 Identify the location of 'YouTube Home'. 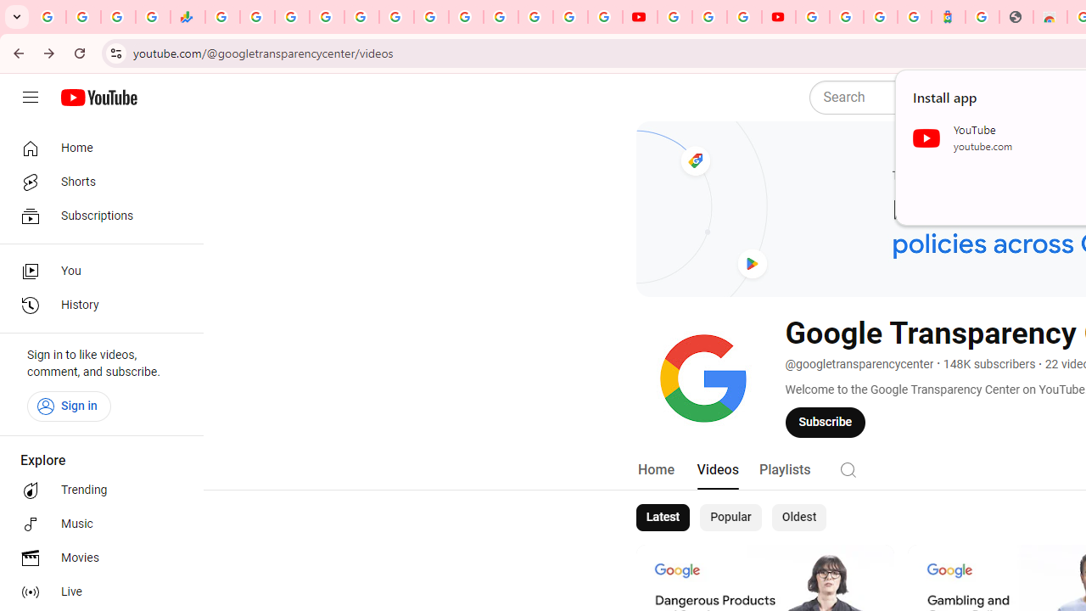
(98, 98).